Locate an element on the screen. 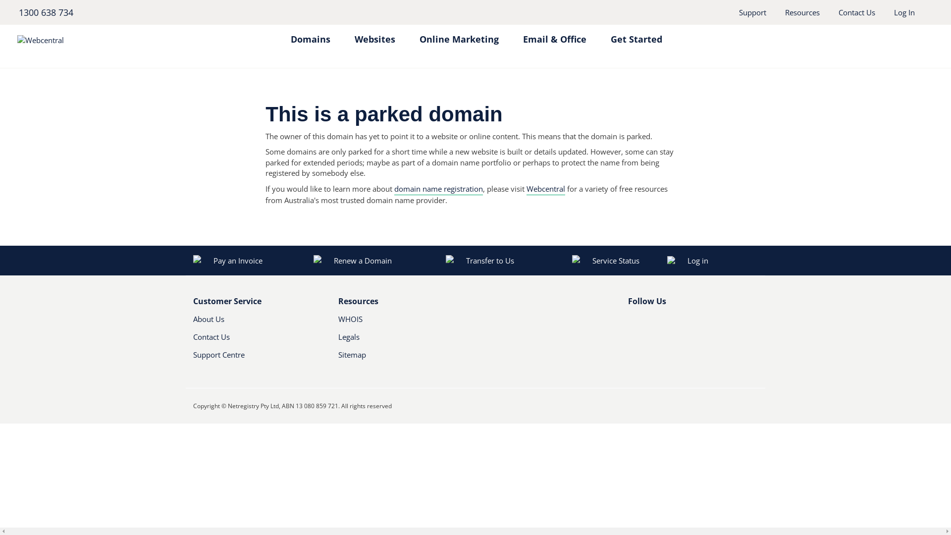 This screenshot has width=951, height=535. 'Online Marketing' is located at coordinates (458, 34).